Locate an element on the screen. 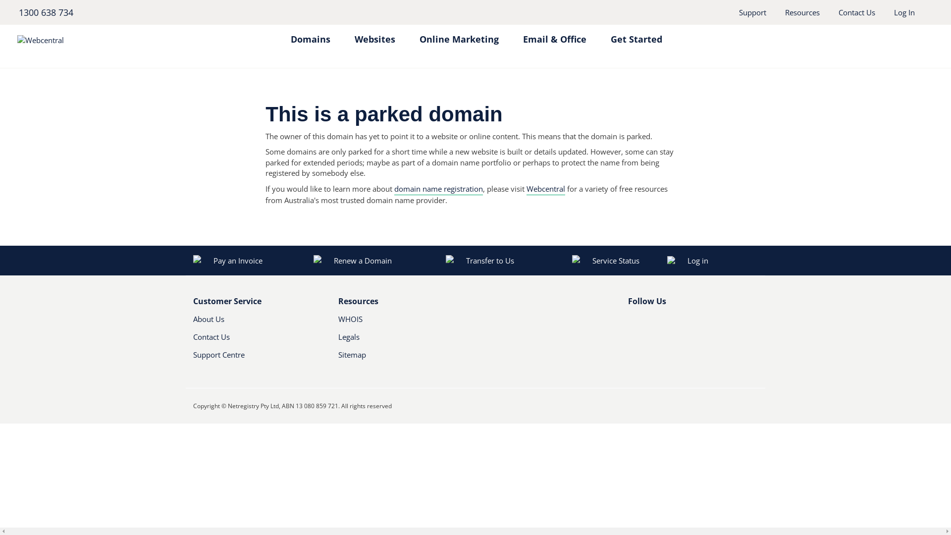 This screenshot has width=951, height=535. 'Online Marketing' is located at coordinates (458, 34).